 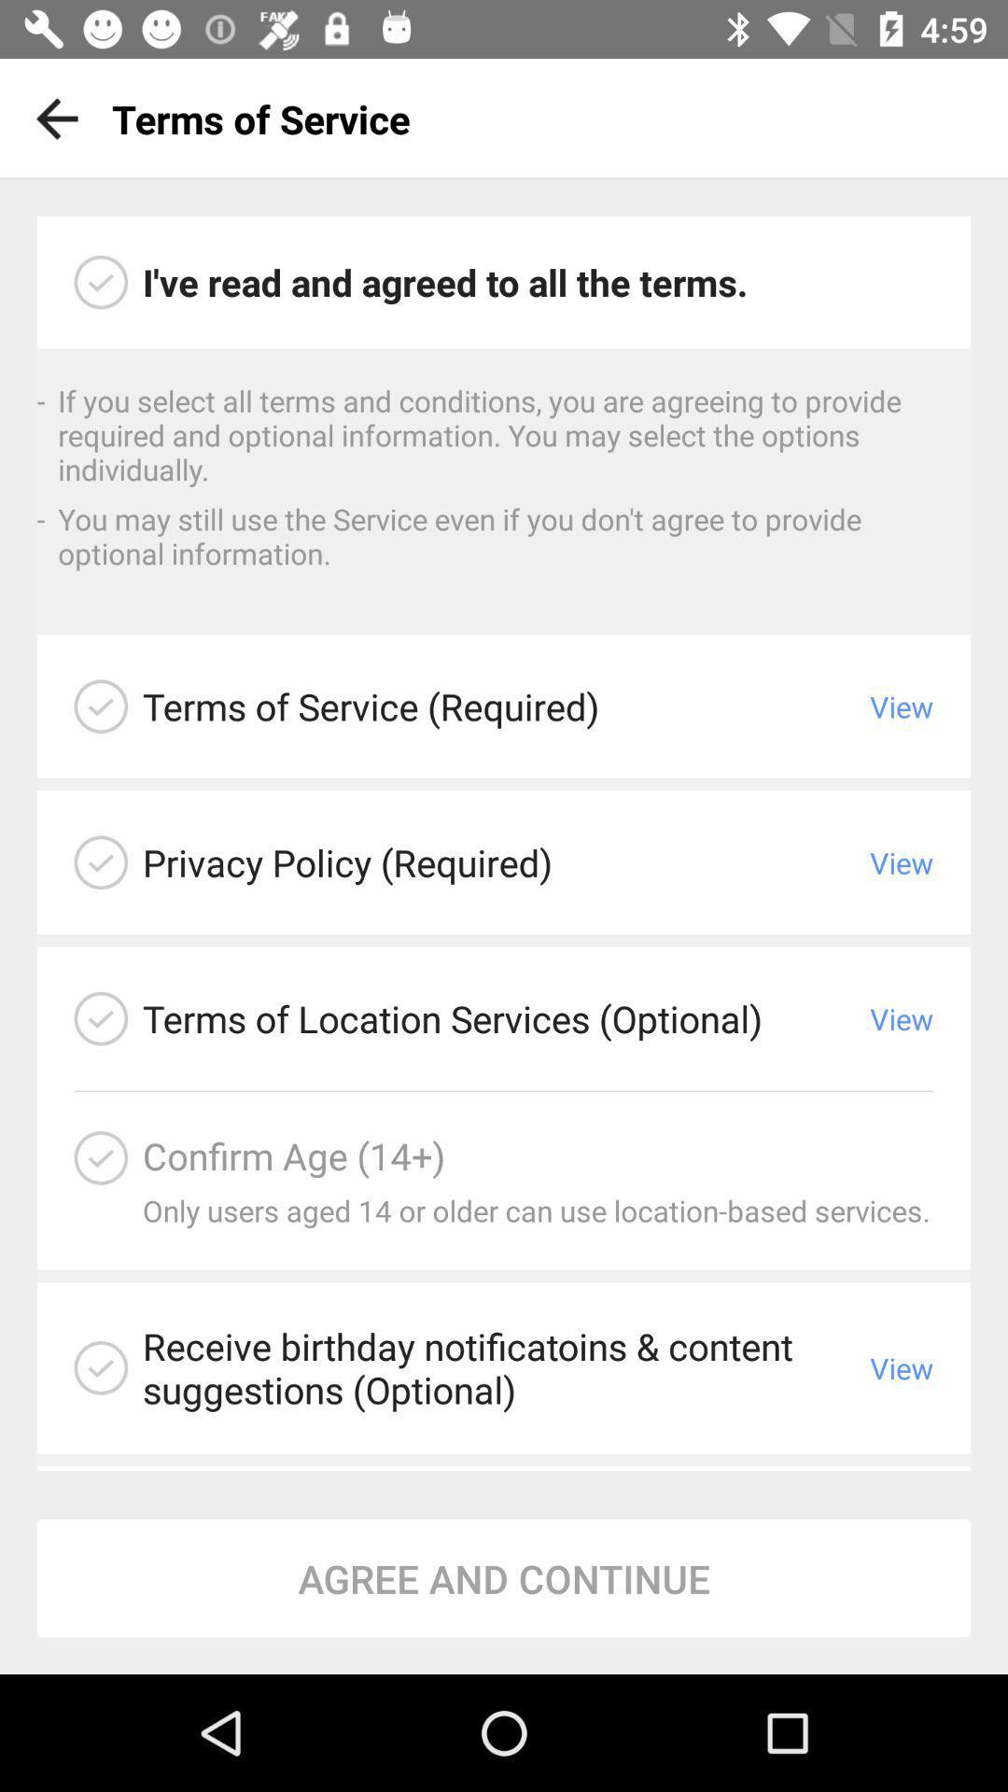 What do you see at coordinates (101, 281) in the screenshot?
I see `click circle to indicate you have read all the terms` at bounding box center [101, 281].